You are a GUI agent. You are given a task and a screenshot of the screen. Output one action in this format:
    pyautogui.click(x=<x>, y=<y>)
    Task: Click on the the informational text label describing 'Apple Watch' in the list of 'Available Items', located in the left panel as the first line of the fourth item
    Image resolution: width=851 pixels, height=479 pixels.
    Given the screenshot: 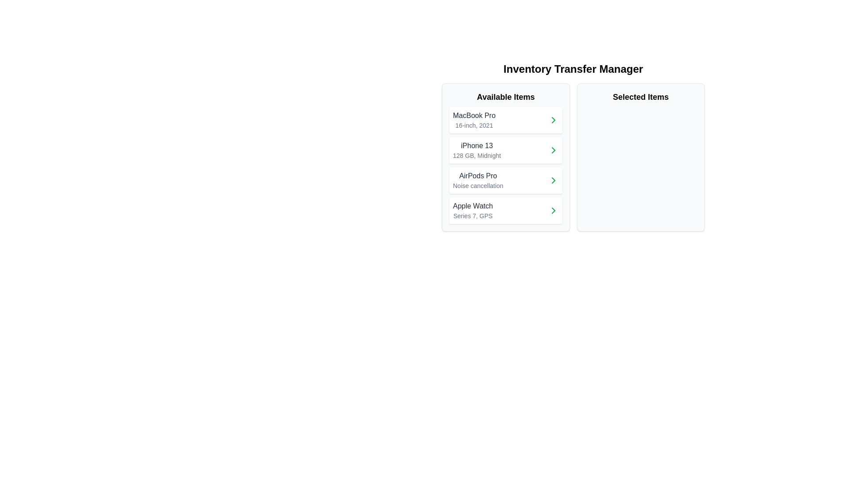 What is the action you would take?
    pyautogui.click(x=472, y=206)
    